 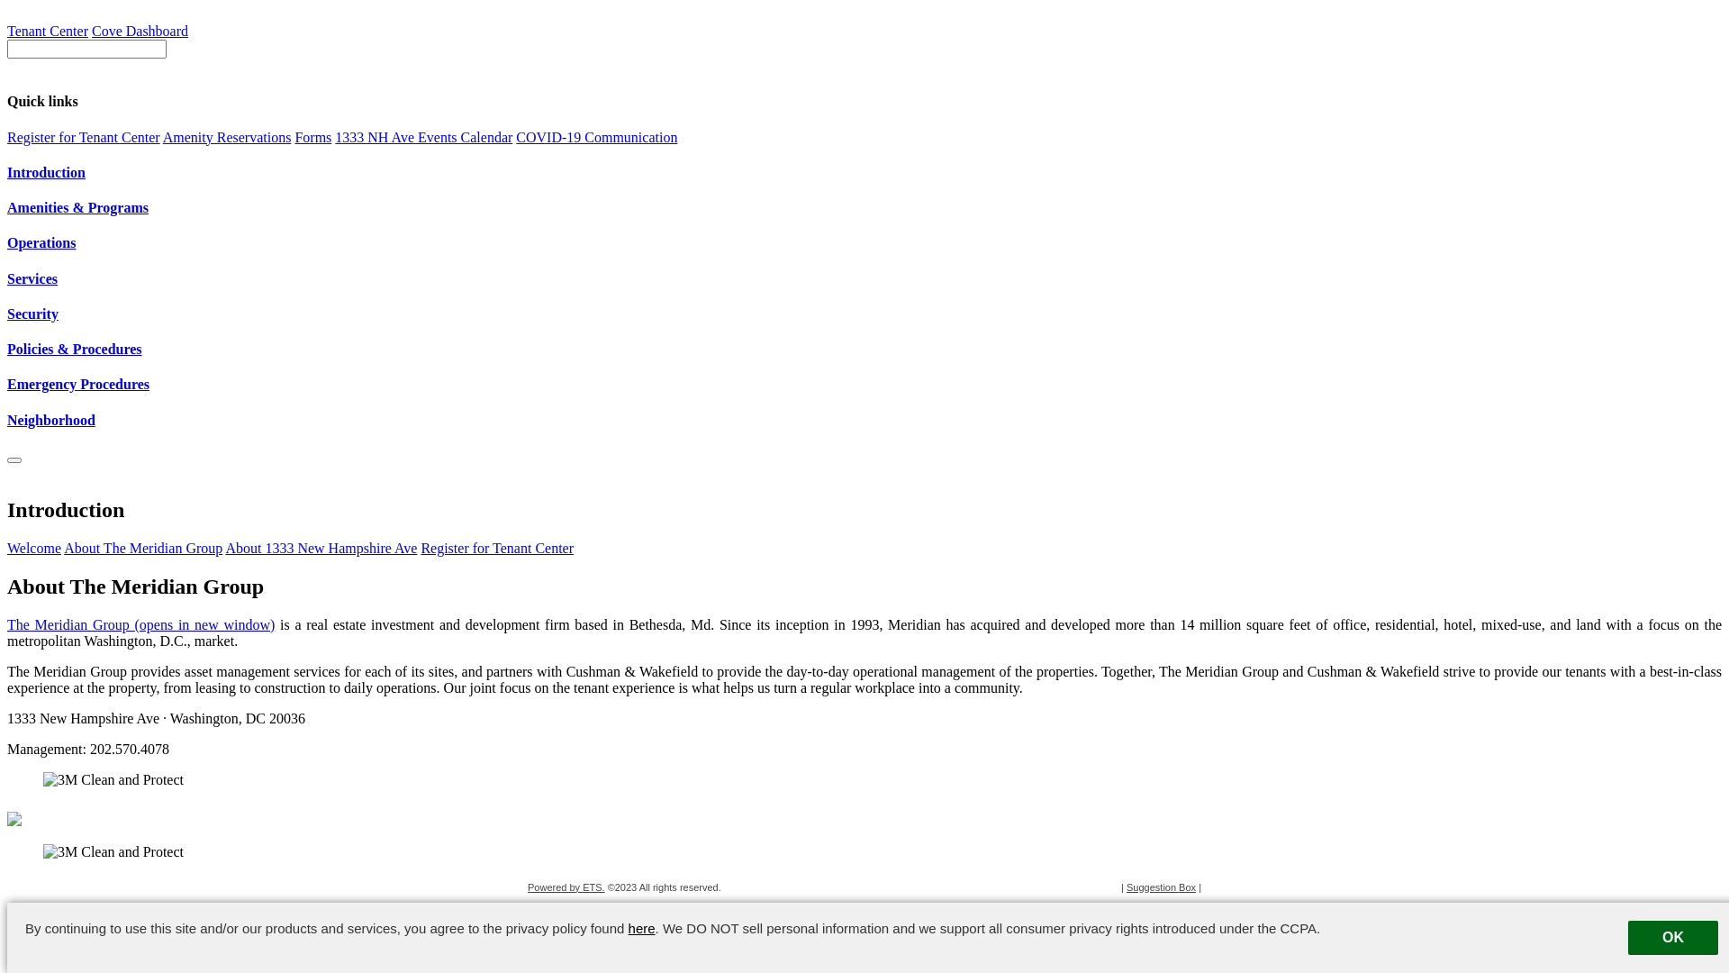 I want to click on 'Suggestion Box', so click(x=1161, y=886).